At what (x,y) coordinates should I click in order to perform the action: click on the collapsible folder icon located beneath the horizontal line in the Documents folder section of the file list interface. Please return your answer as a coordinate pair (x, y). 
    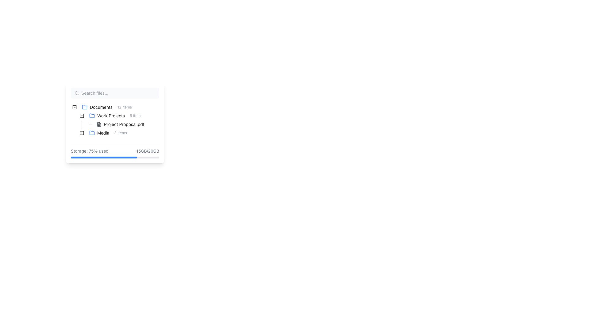
    Looking at the image, I should click on (74, 107).